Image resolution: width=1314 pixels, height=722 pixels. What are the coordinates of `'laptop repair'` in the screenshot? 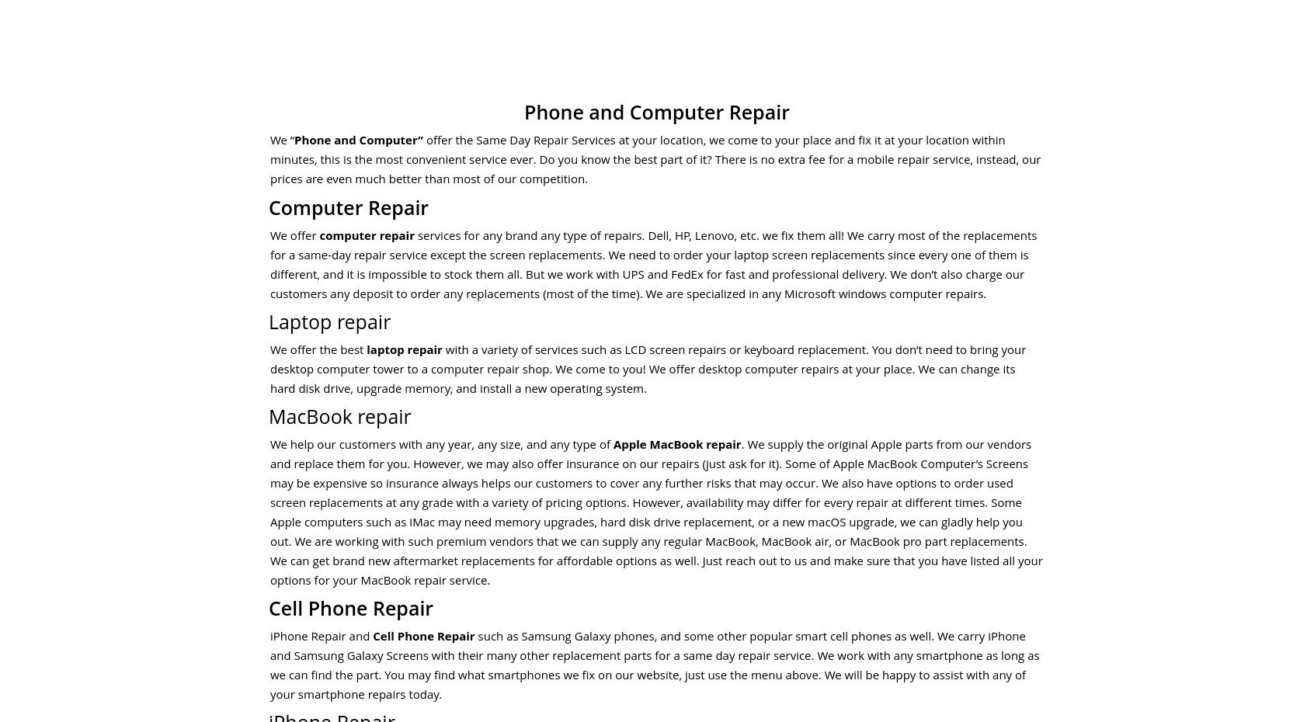 It's located at (404, 349).